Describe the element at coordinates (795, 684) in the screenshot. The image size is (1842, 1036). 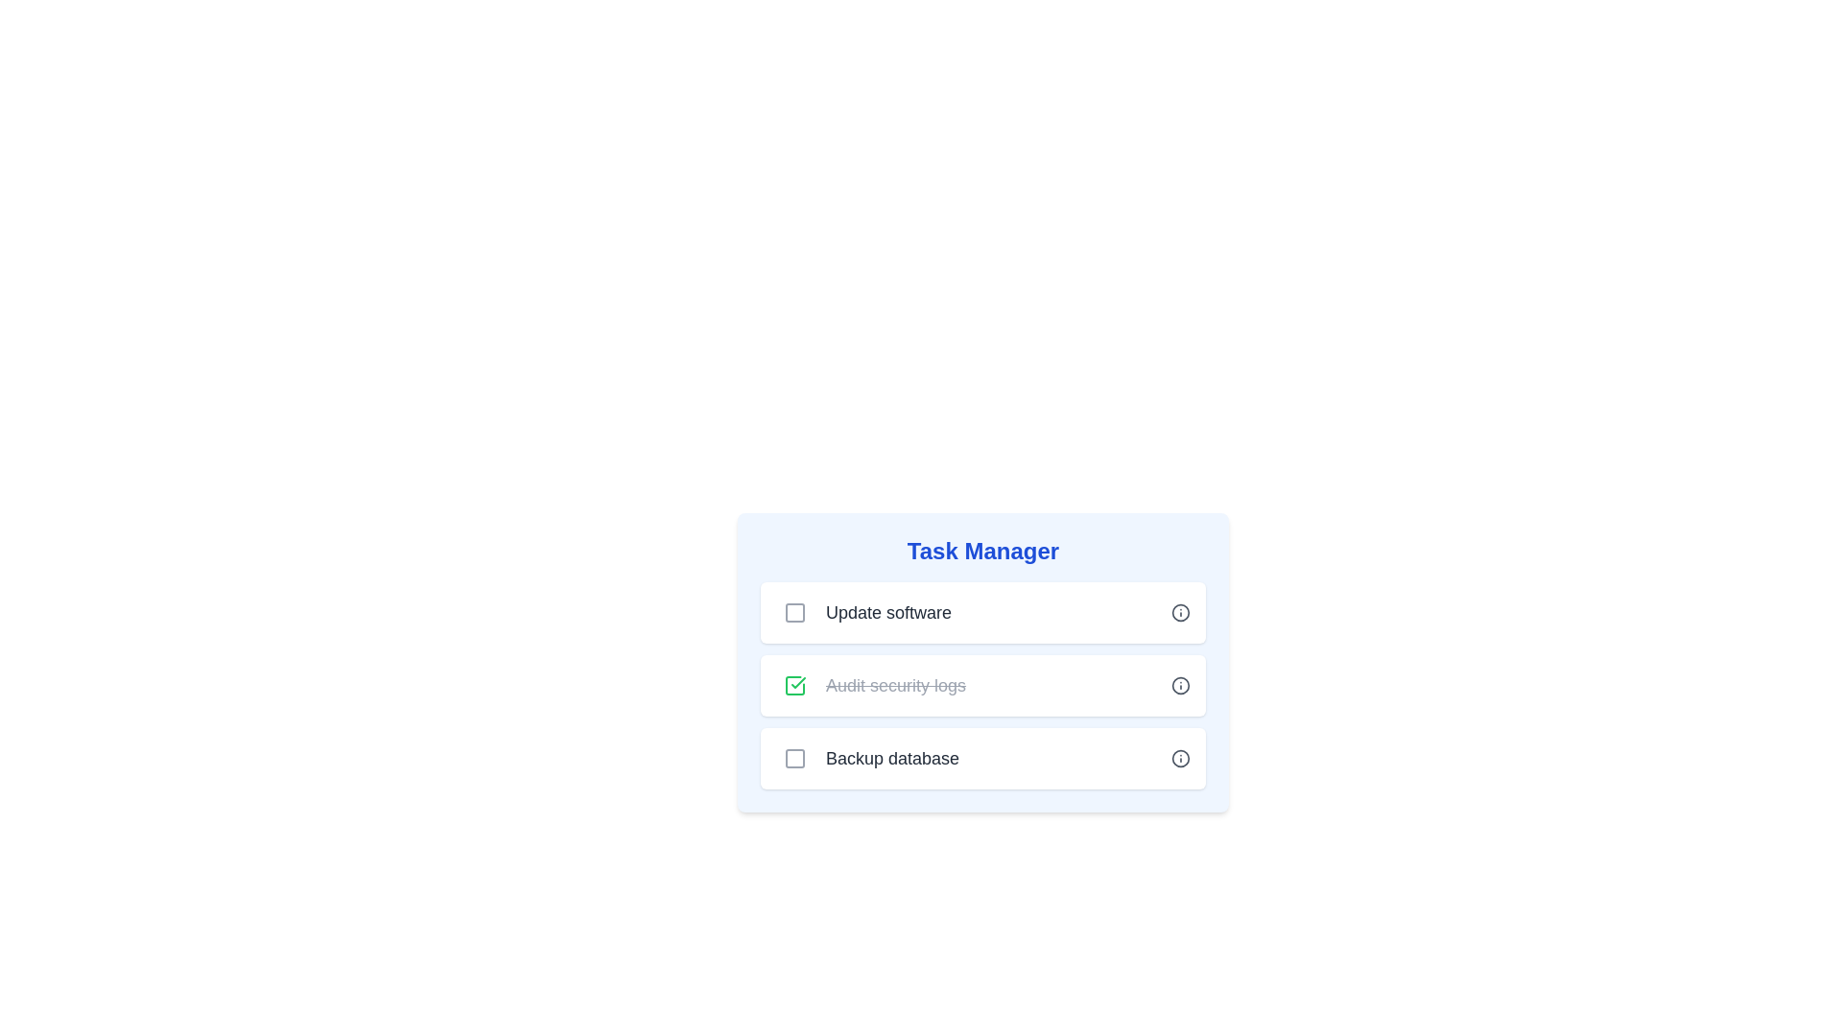
I see `the Checkbox with a green checkmark indicating the task 'Audit security logs' is selected, located in the middle row of the 'Task Manager' section` at that location.